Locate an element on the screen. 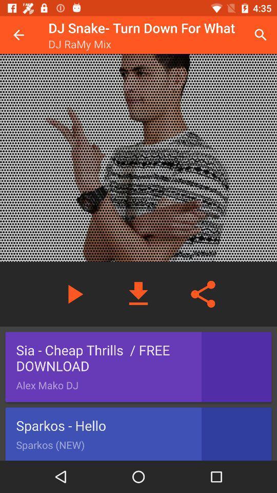  the item at the top right corner is located at coordinates (261, 35).